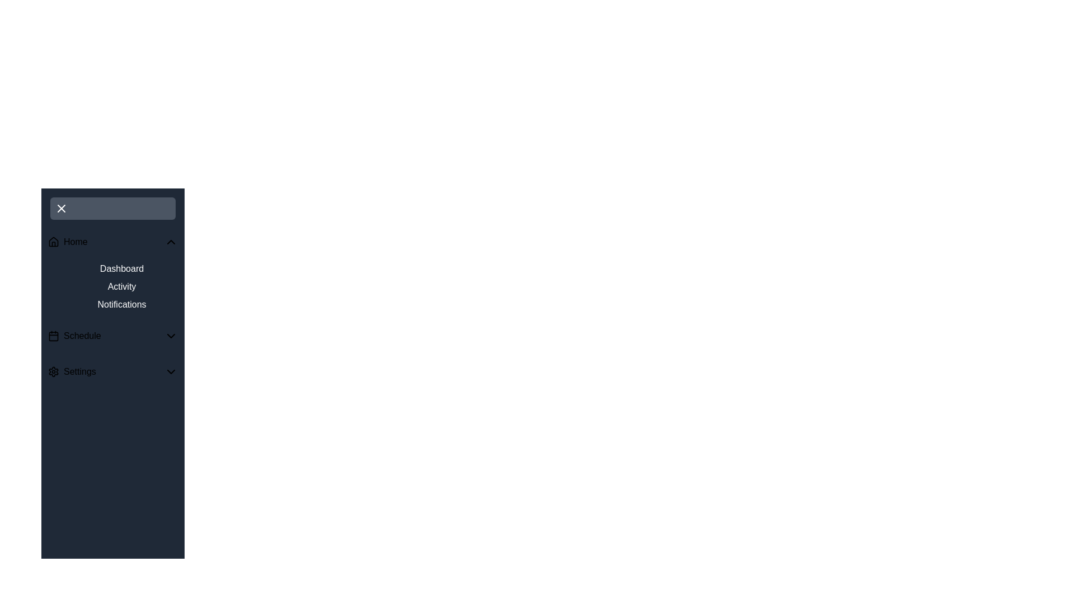 The height and width of the screenshot is (604, 1074). I want to click on the 'Dashboard' label in the dark sidebar, so click(121, 269).